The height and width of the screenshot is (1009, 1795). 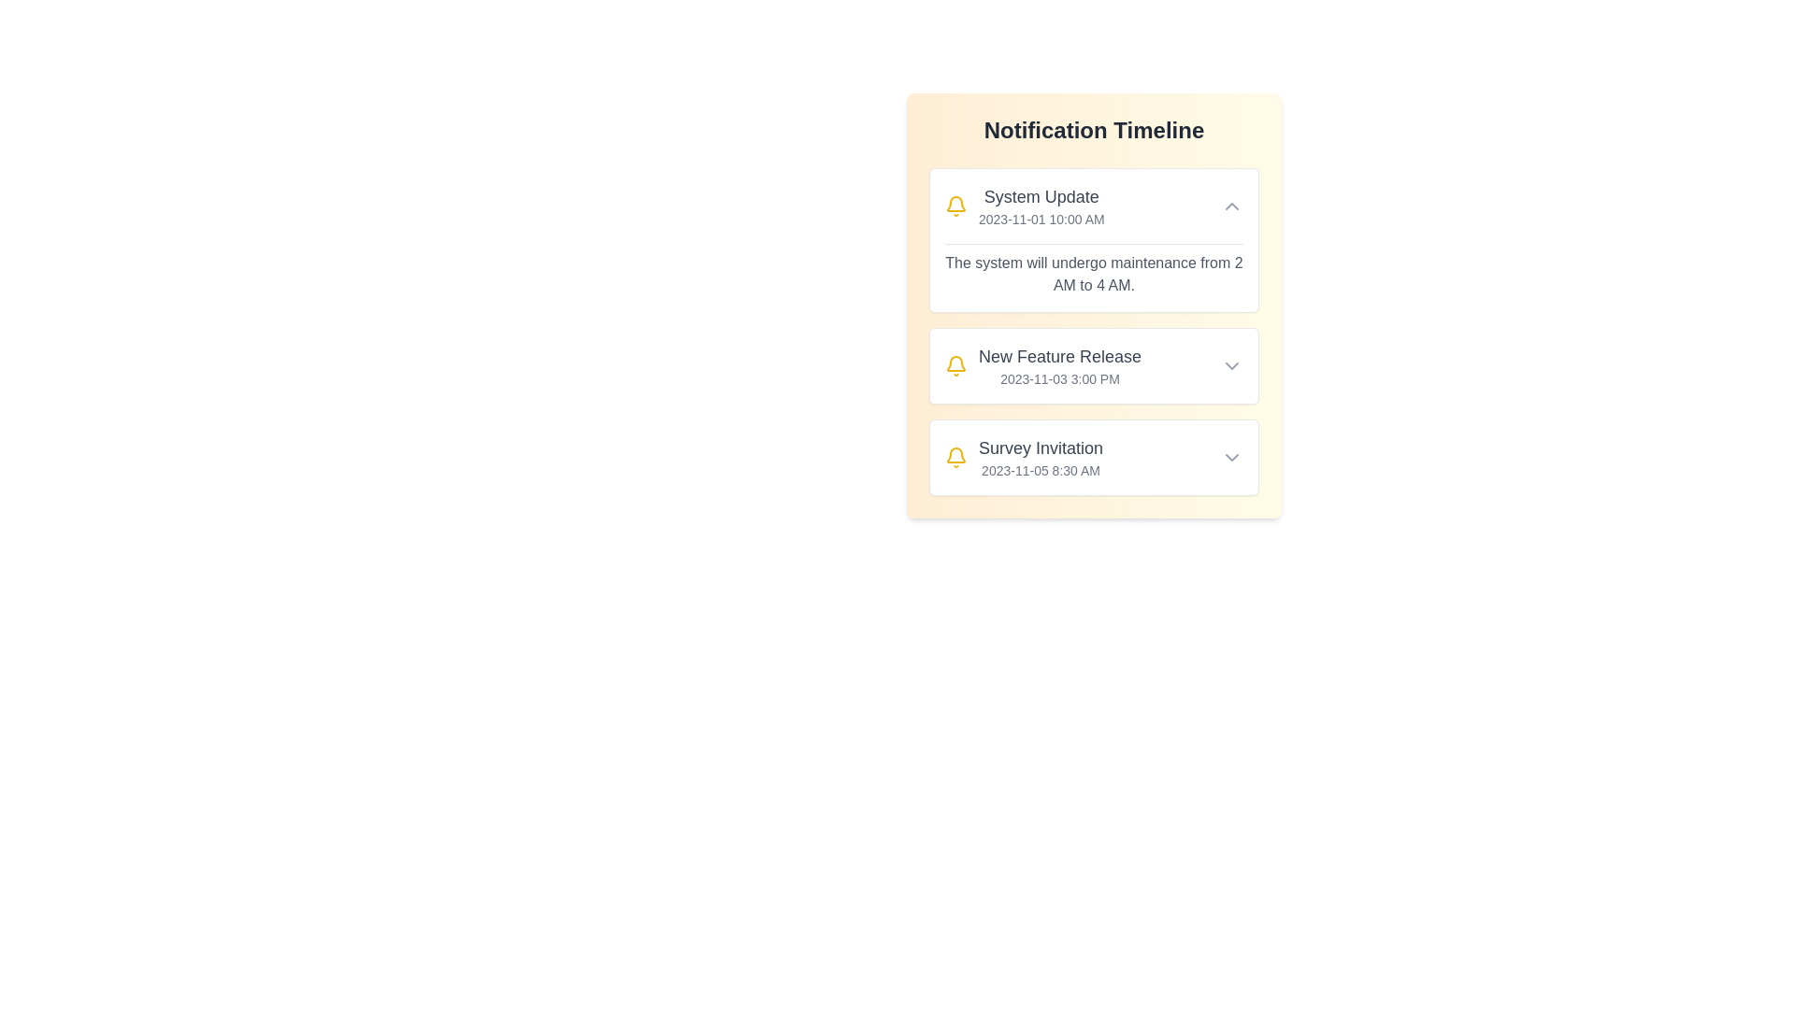 What do you see at coordinates (1094, 366) in the screenshot?
I see `title of the Notification Card located in the Notification Timeline, which is the second entry below 'System Update' and above 'Survey Invitation'` at bounding box center [1094, 366].